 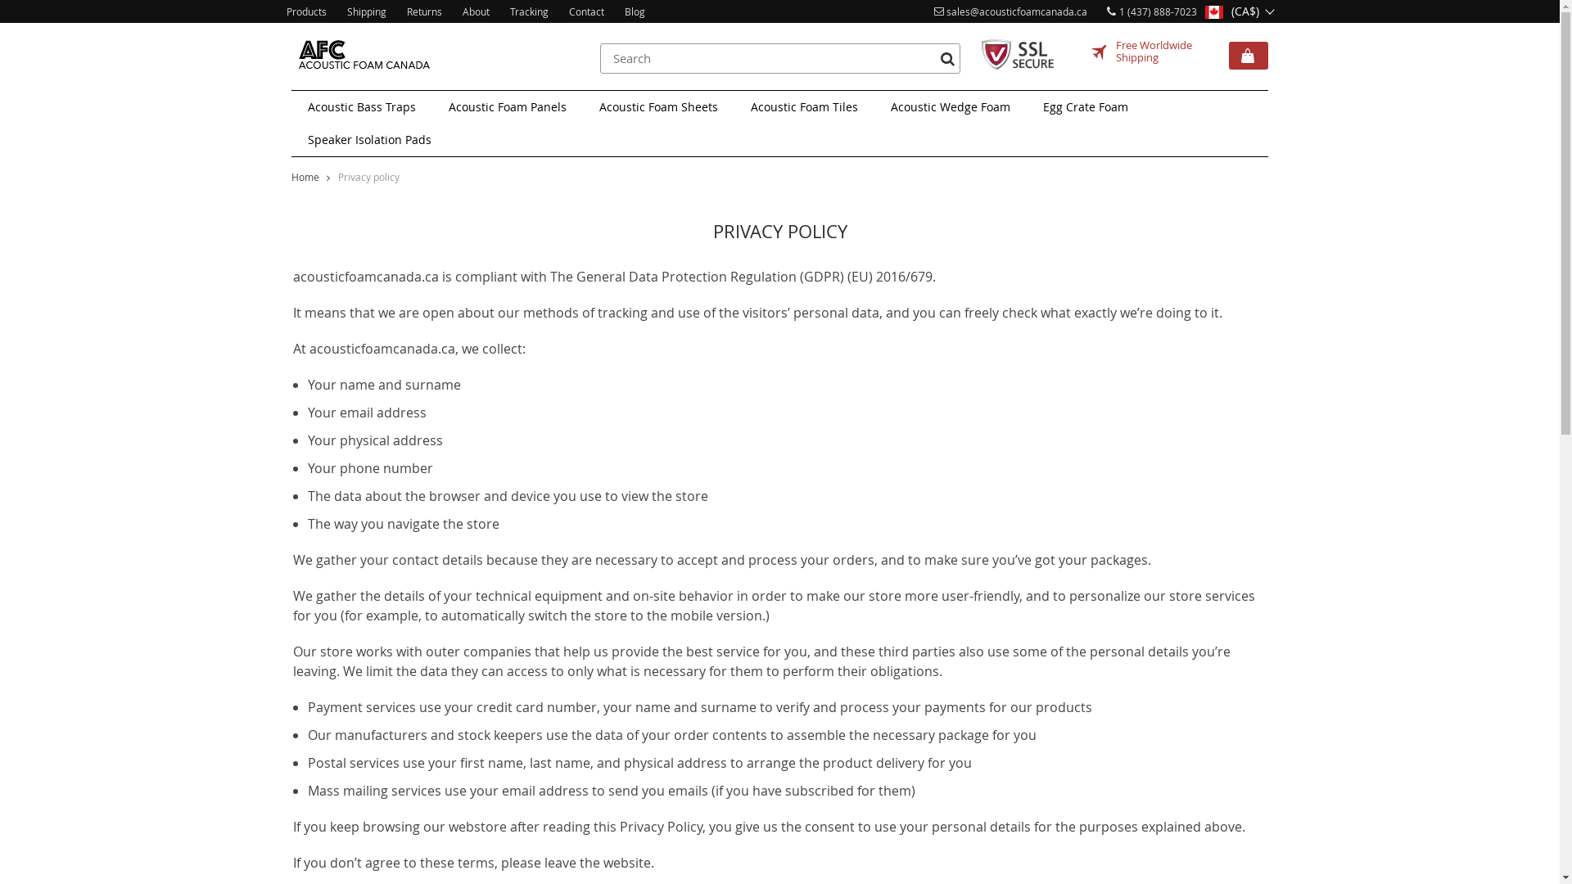 I want to click on 'Acoustic Foam Sheets', so click(x=658, y=107).